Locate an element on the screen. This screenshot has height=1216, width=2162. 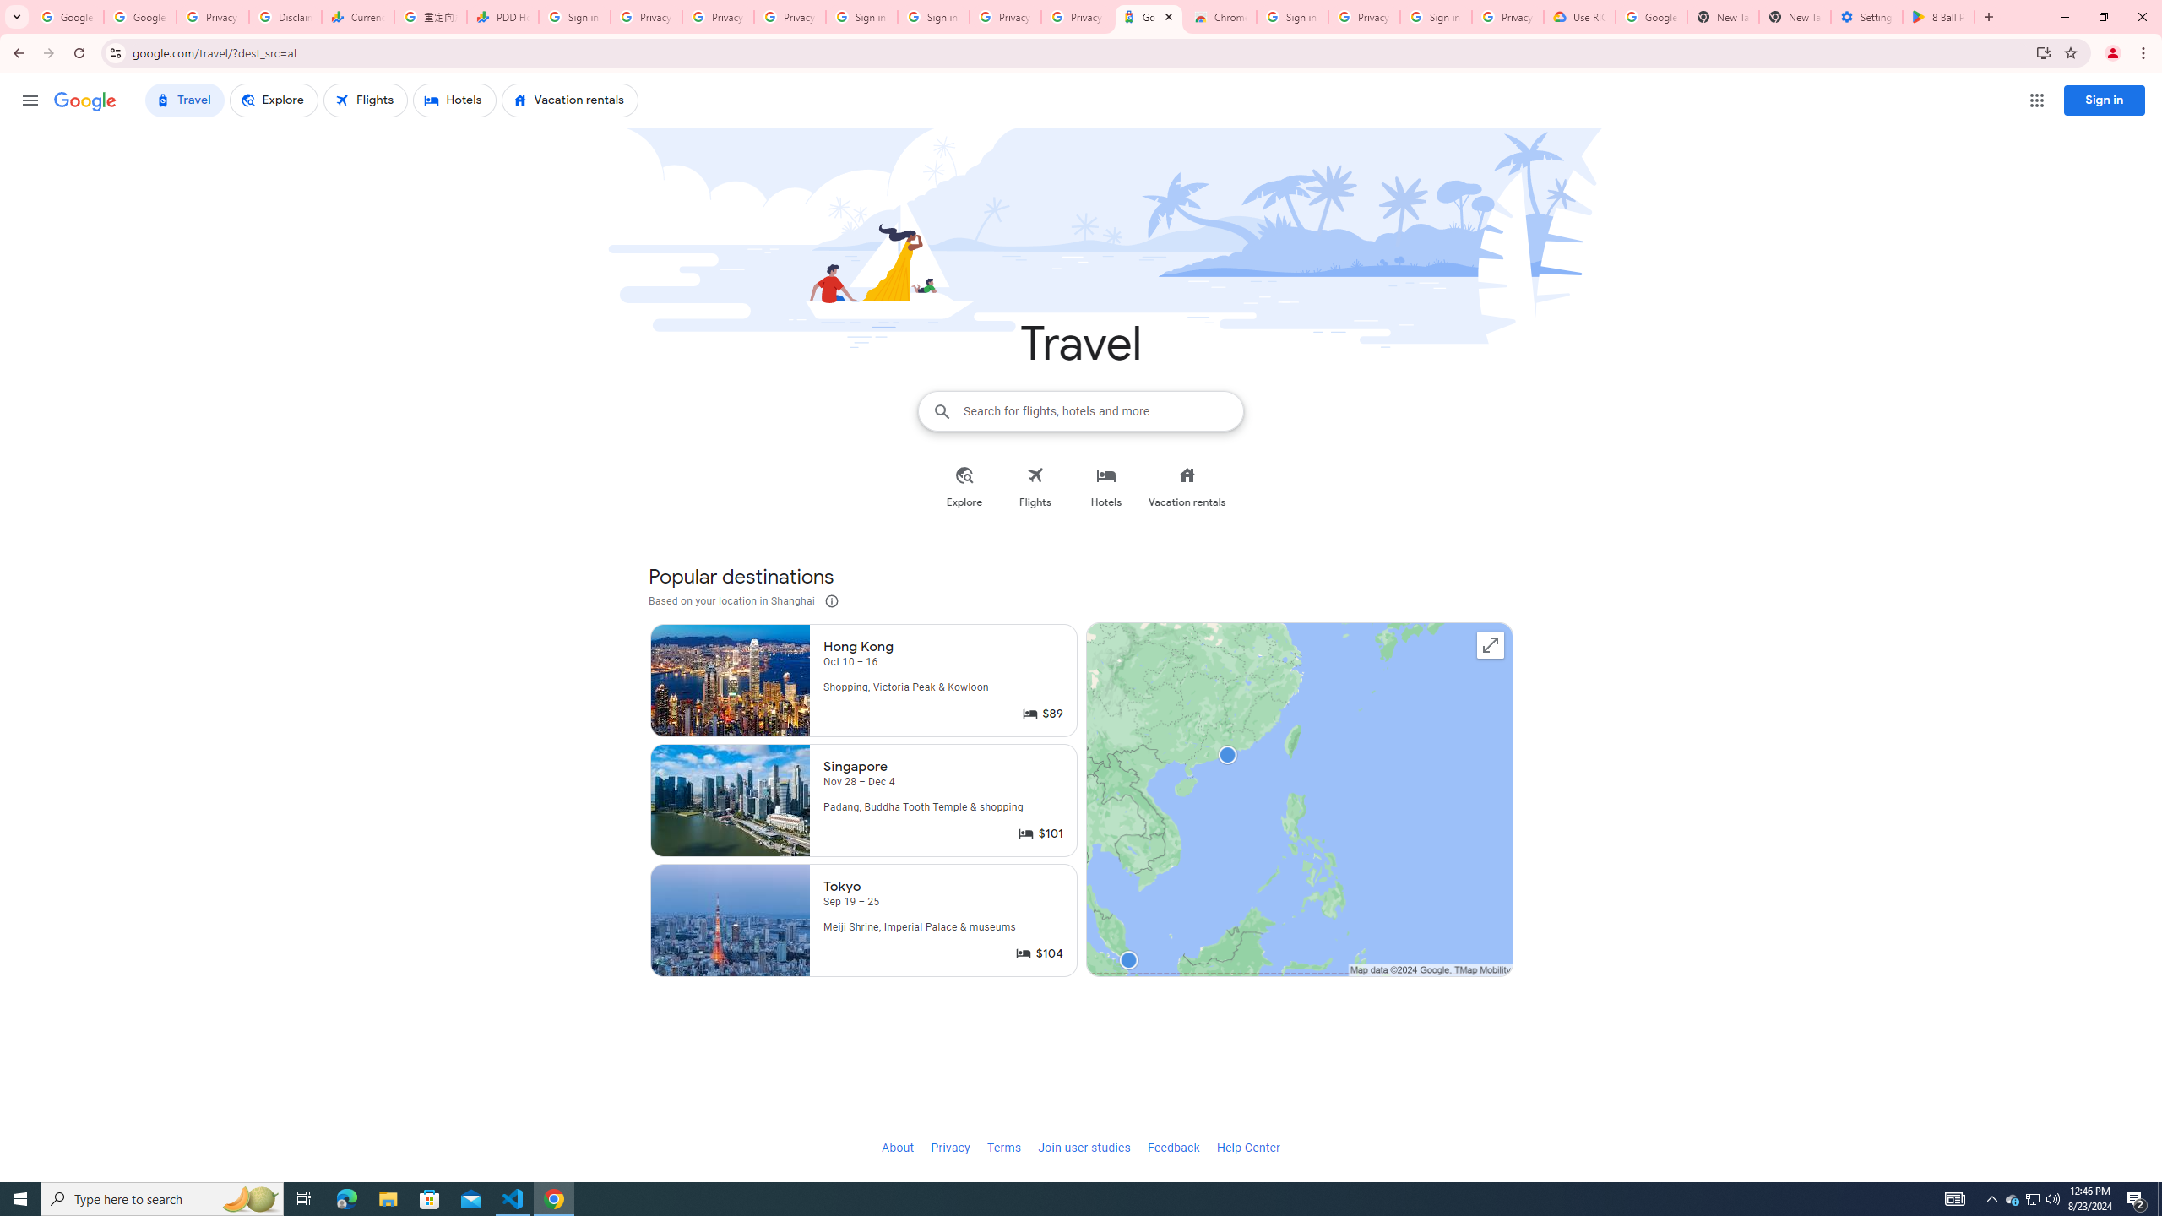
'Flights' is located at coordinates (1035, 487).